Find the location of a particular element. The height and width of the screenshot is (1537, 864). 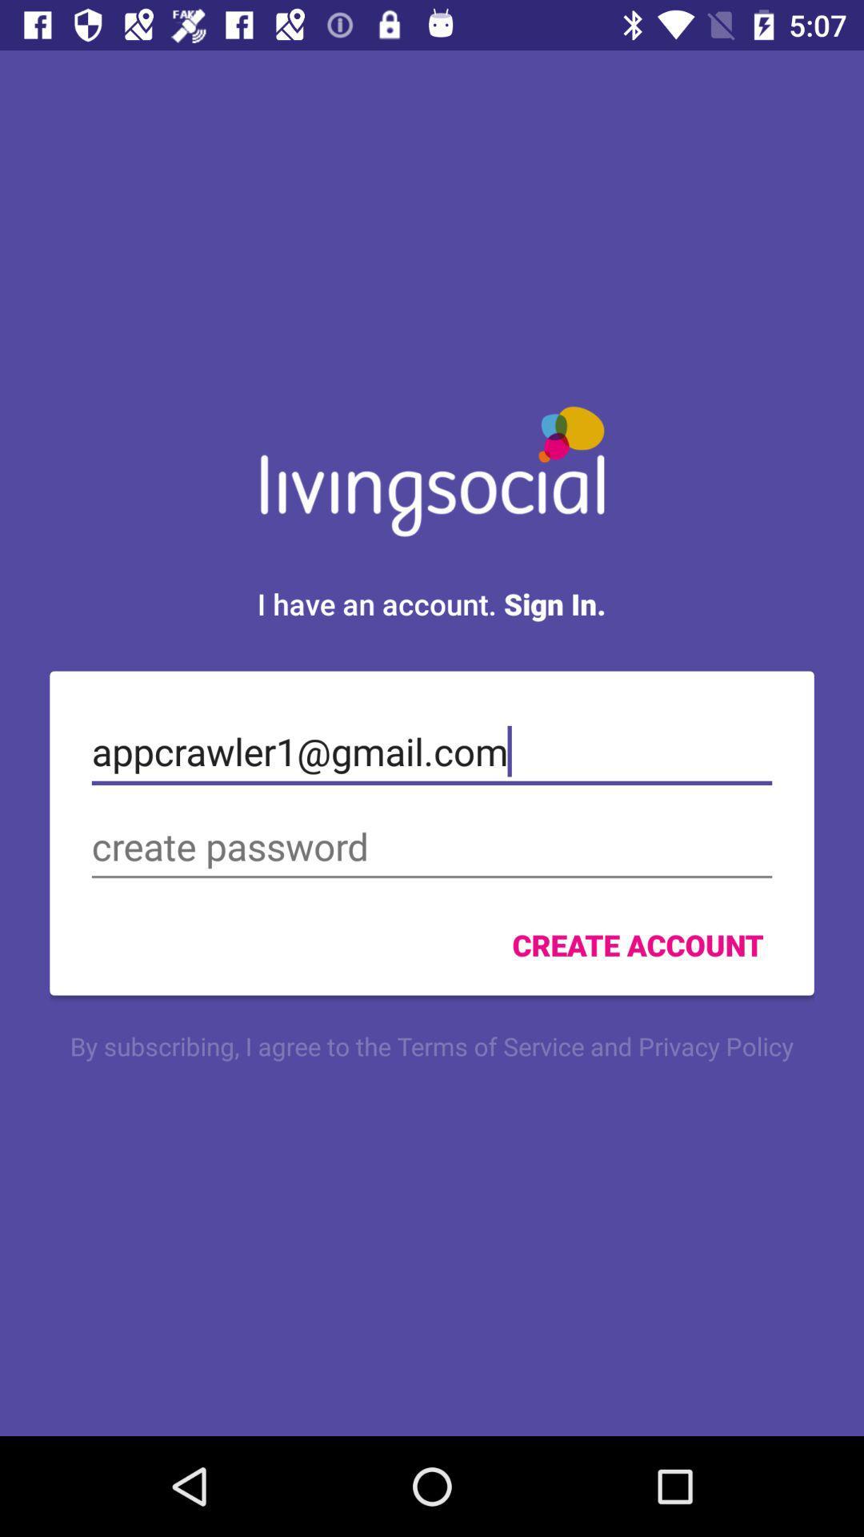

item above the create account is located at coordinates (432, 846).